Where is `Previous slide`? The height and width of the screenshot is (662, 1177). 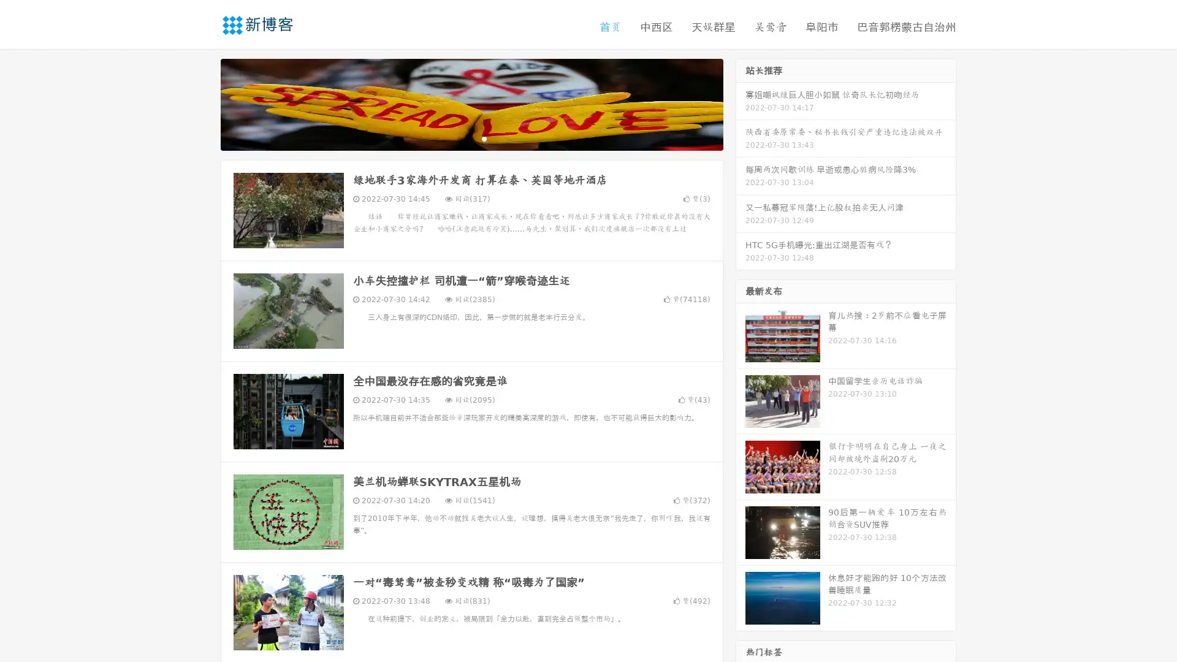 Previous slide is located at coordinates (202, 103).